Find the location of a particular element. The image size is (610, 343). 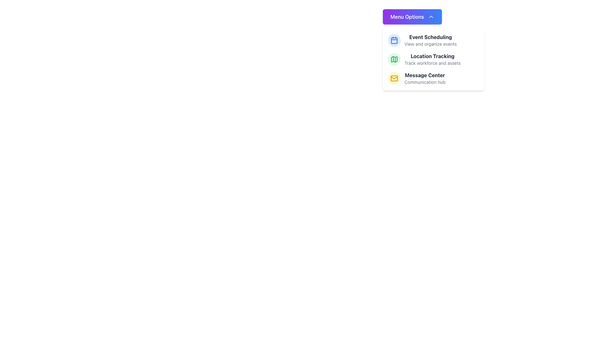

the text-based menu item located under 'Menu Options' is located at coordinates (432, 59).